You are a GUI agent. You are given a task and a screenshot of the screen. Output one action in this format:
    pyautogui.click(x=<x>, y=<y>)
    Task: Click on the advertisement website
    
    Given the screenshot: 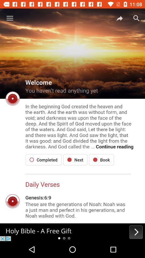 What is the action you would take?
    pyautogui.click(x=73, y=232)
    